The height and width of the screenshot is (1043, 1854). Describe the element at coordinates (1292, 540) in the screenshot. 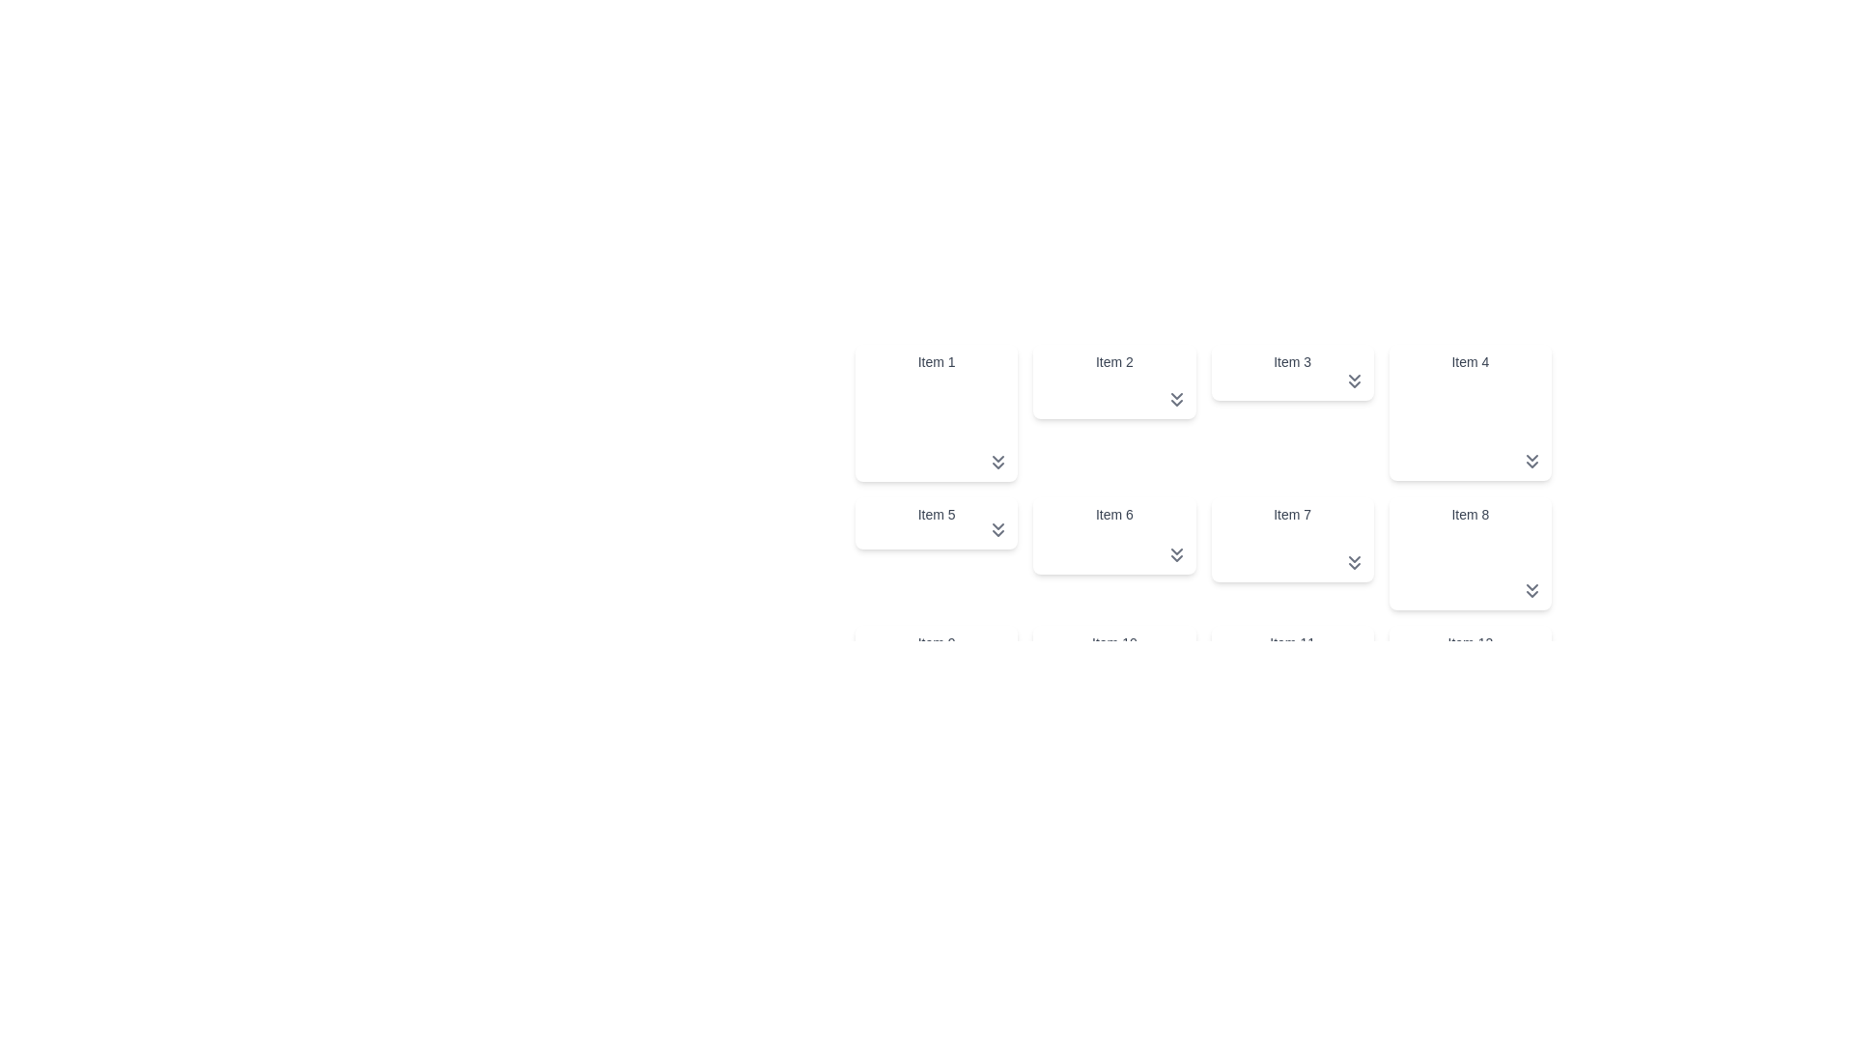

I see `the Card component displaying 'Item 7'` at that location.